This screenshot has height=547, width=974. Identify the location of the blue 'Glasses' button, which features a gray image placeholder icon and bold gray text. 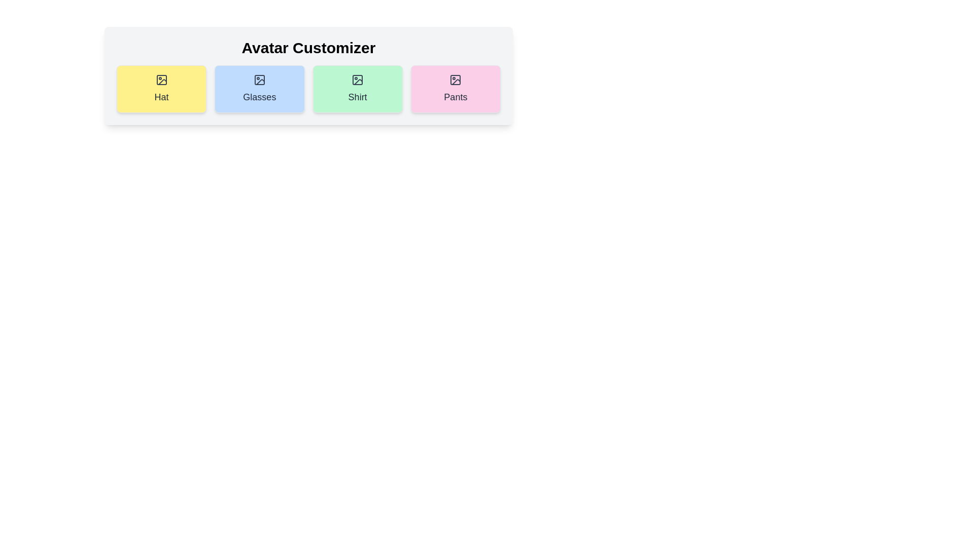
(259, 89).